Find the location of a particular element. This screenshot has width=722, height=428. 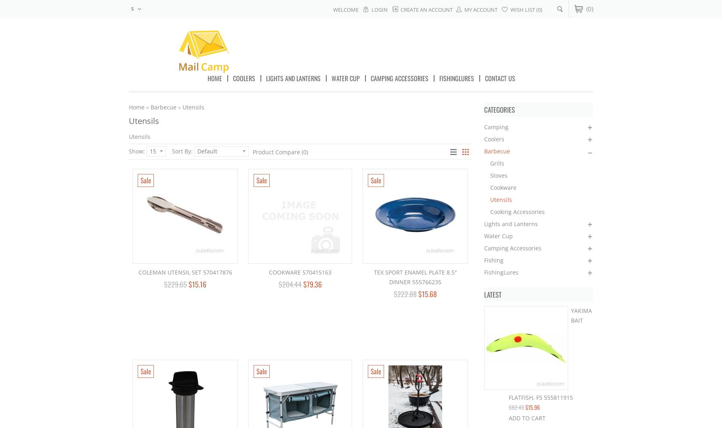

'$229.65' is located at coordinates (175, 284).